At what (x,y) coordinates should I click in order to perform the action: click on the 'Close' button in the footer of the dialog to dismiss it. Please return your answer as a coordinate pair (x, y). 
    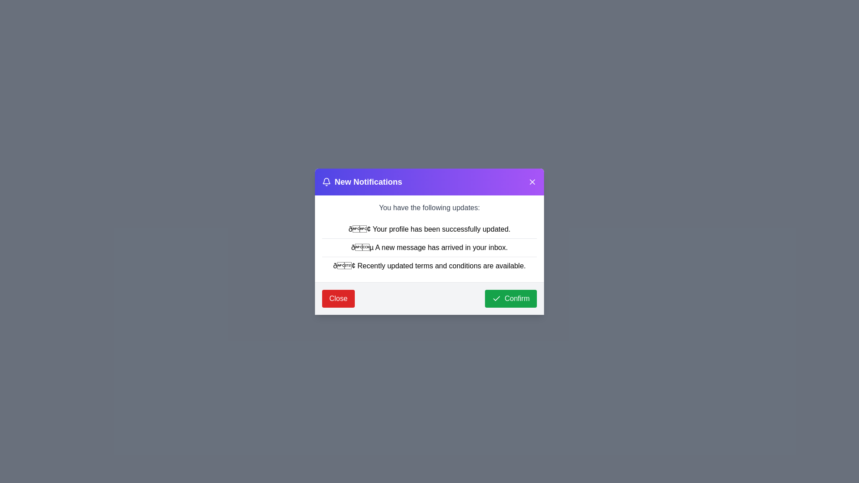
    Looking at the image, I should click on (337, 298).